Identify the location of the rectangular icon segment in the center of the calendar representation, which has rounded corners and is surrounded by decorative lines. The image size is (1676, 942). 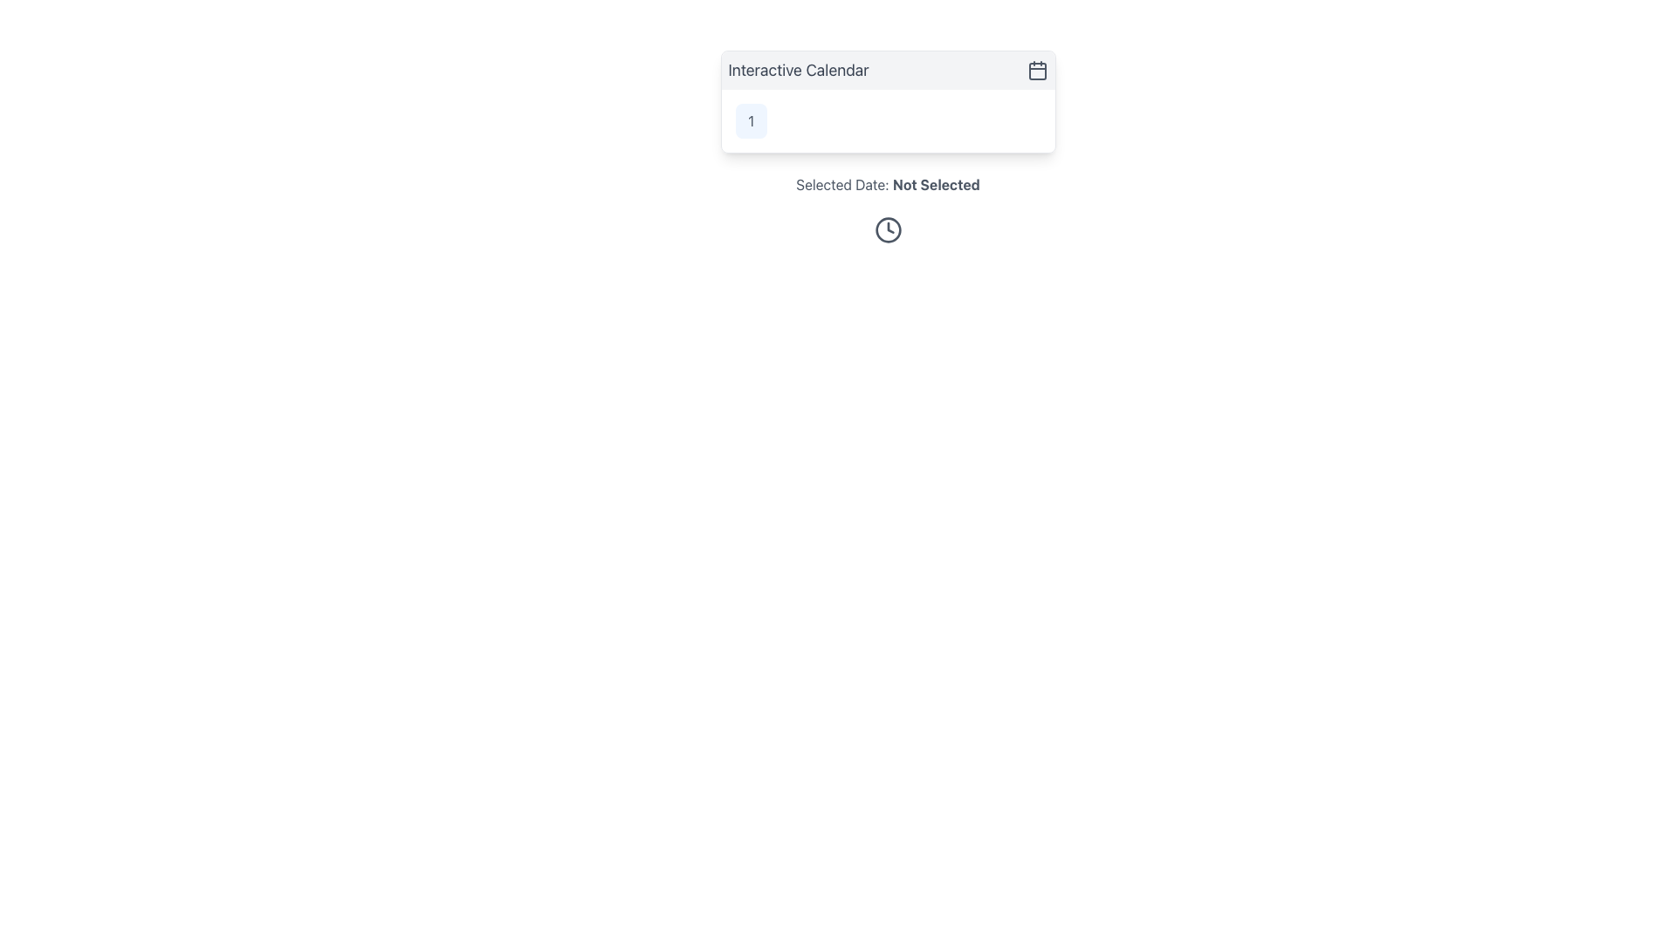
(1037, 70).